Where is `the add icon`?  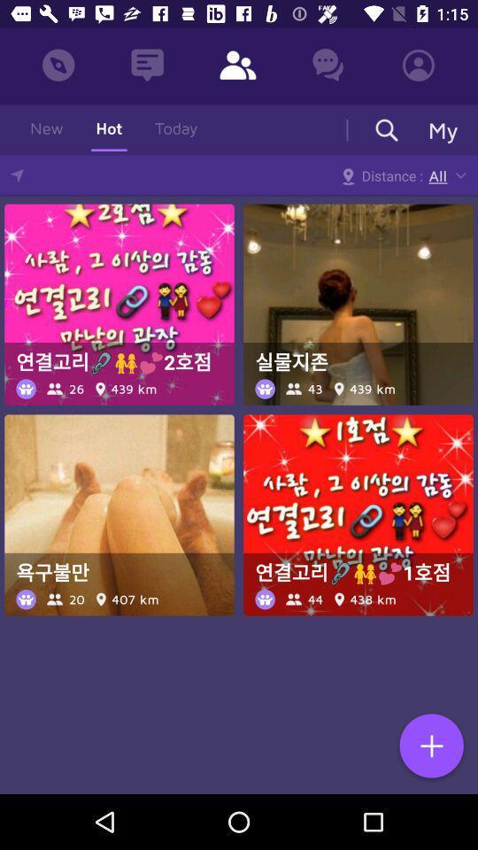
the add icon is located at coordinates (430, 746).